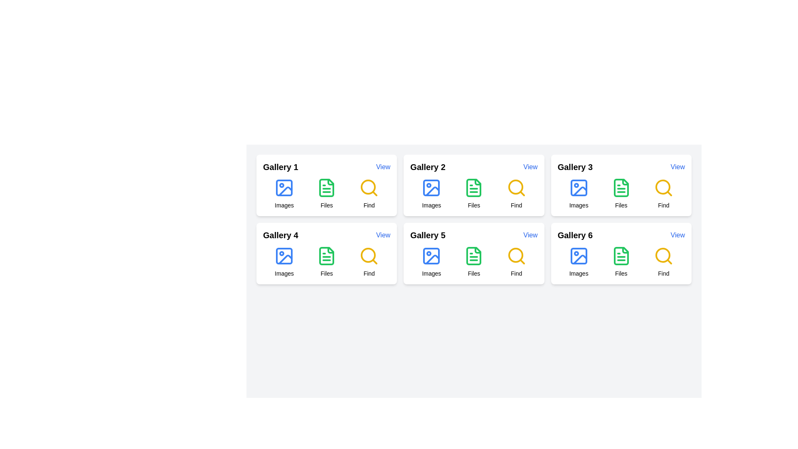  What do you see at coordinates (431, 256) in the screenshot?
I see `the bright blue image icon with rounded corners, located in the bottom row and third column of the 2x3 grid layout within the 'Gallery 5' card` at bounding box center [431, 256].